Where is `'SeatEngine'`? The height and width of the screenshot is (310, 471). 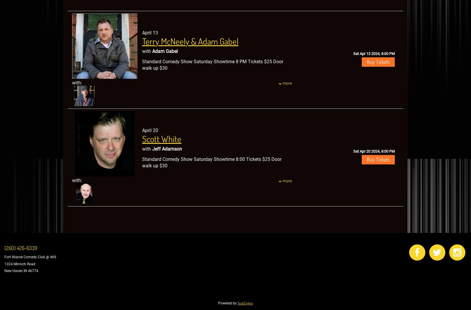 'SeatEngine' is located at coordinates (245, 303).